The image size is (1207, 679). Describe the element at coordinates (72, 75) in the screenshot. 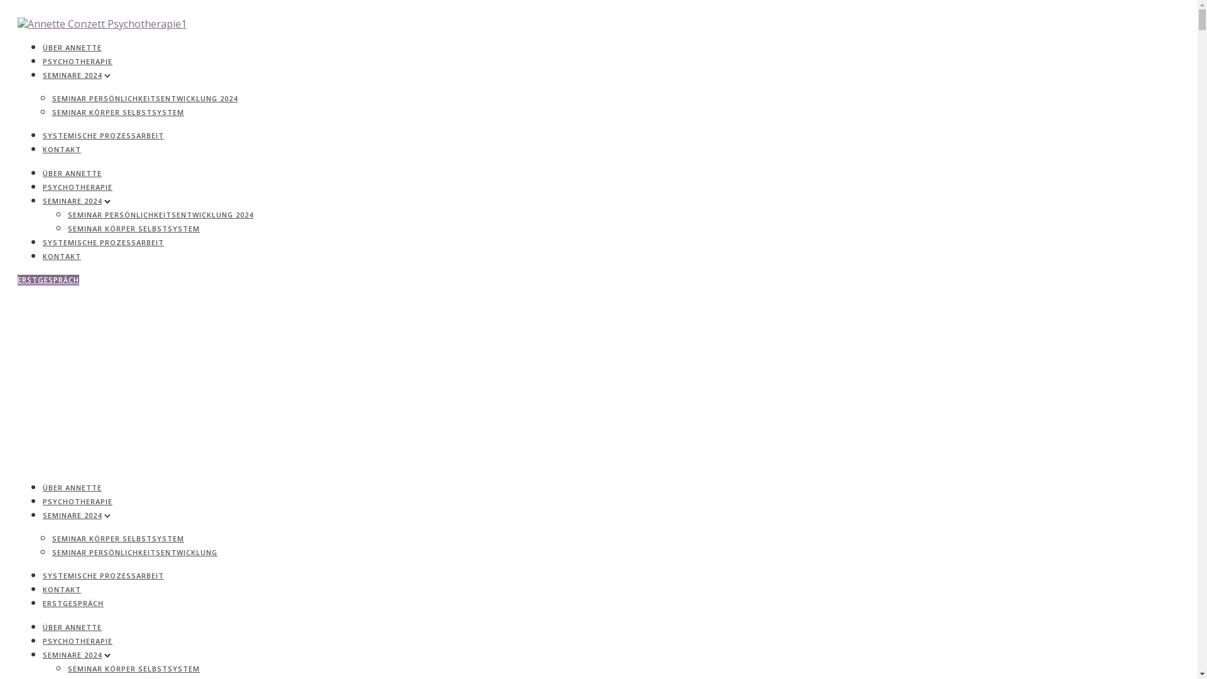

I see `'SEMINARE 2024'` at that location.